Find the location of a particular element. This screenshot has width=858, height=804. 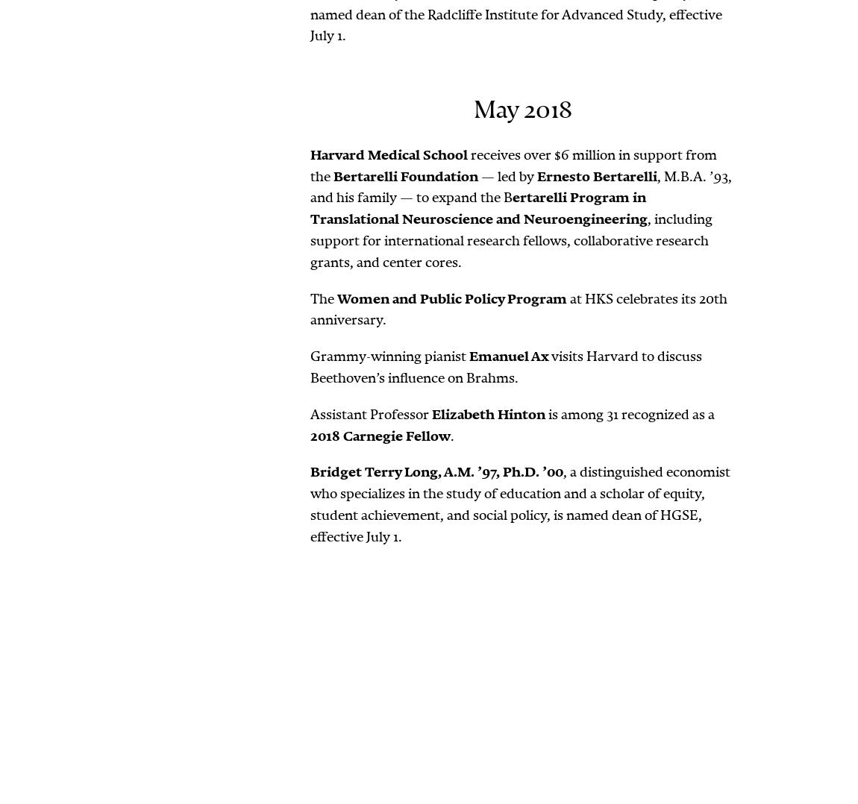

'Grammy-winning pianist' is located at coordinates (389, 355).